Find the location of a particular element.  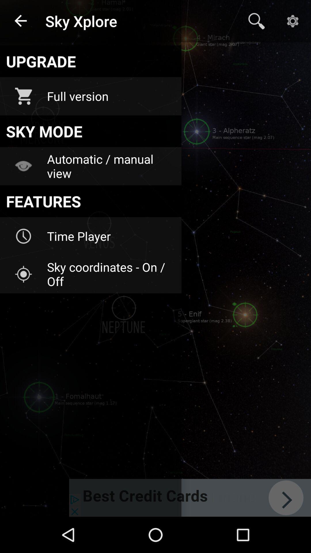

full version icon is located at coordinates (110, 96).